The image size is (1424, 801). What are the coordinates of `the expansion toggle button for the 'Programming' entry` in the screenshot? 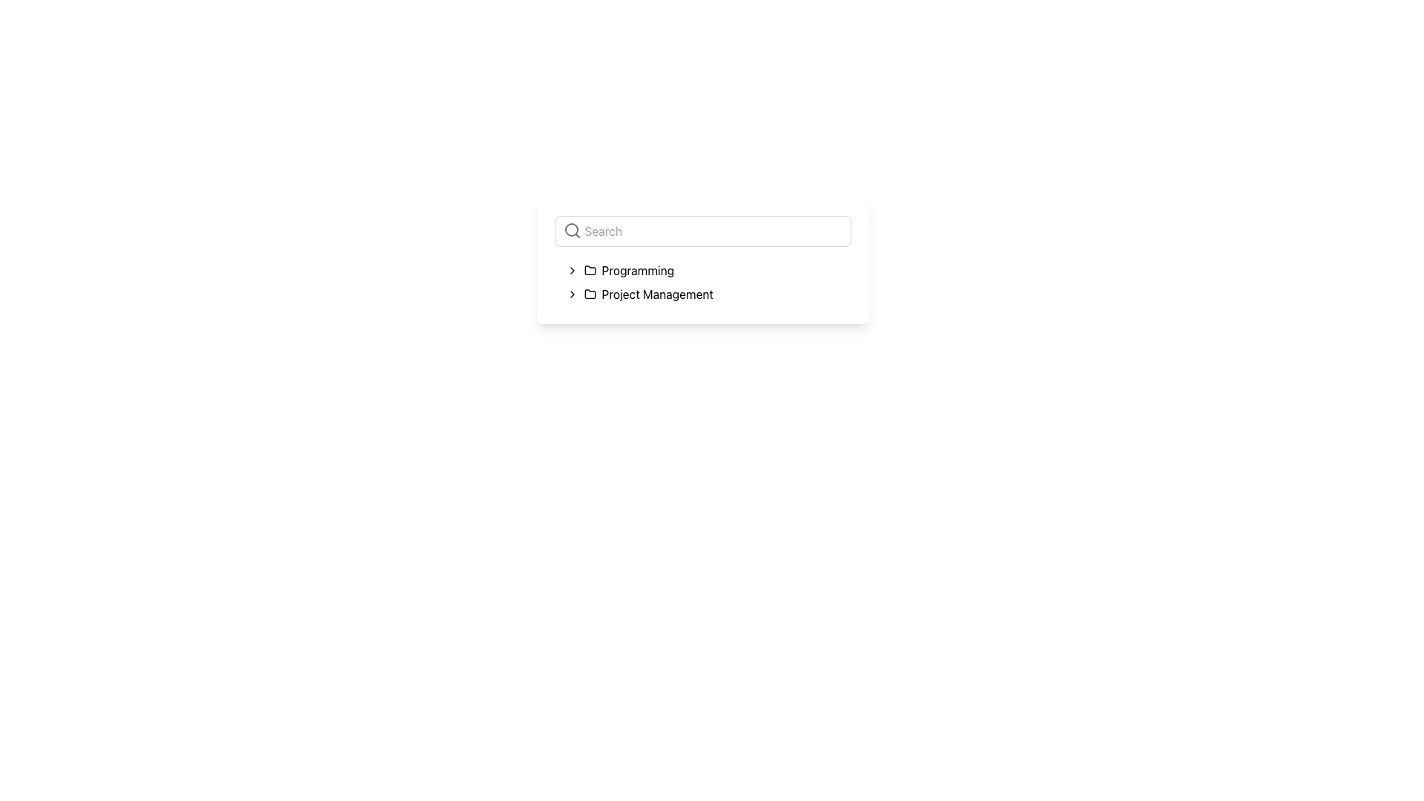 It's located at (571, 271).